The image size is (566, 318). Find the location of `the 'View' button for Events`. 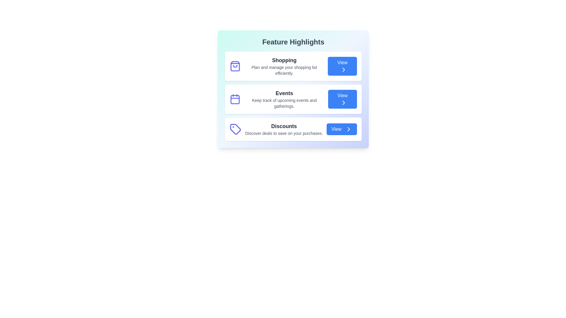

the 'View' button for Events is located at coordinates (342, 99).